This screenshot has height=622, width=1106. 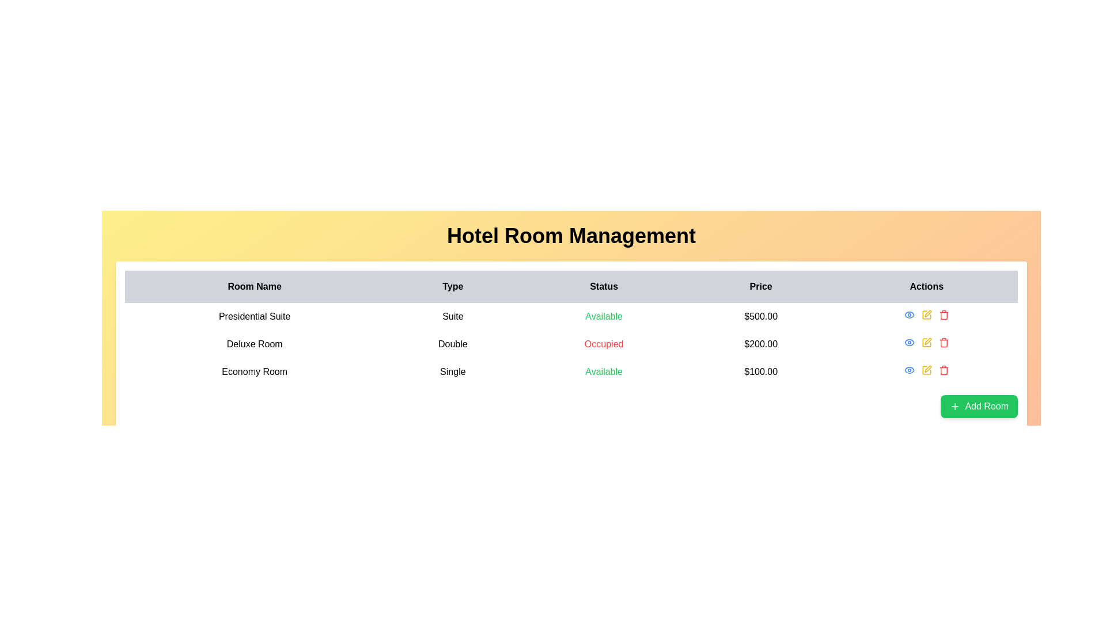 What do you see at coordinates (571, 371) in the screenshot?
I see `the third row in the table displaying the 'Economy Room' category with type 'Single' and availability status 'Available'` at bounding box center [571, 371].